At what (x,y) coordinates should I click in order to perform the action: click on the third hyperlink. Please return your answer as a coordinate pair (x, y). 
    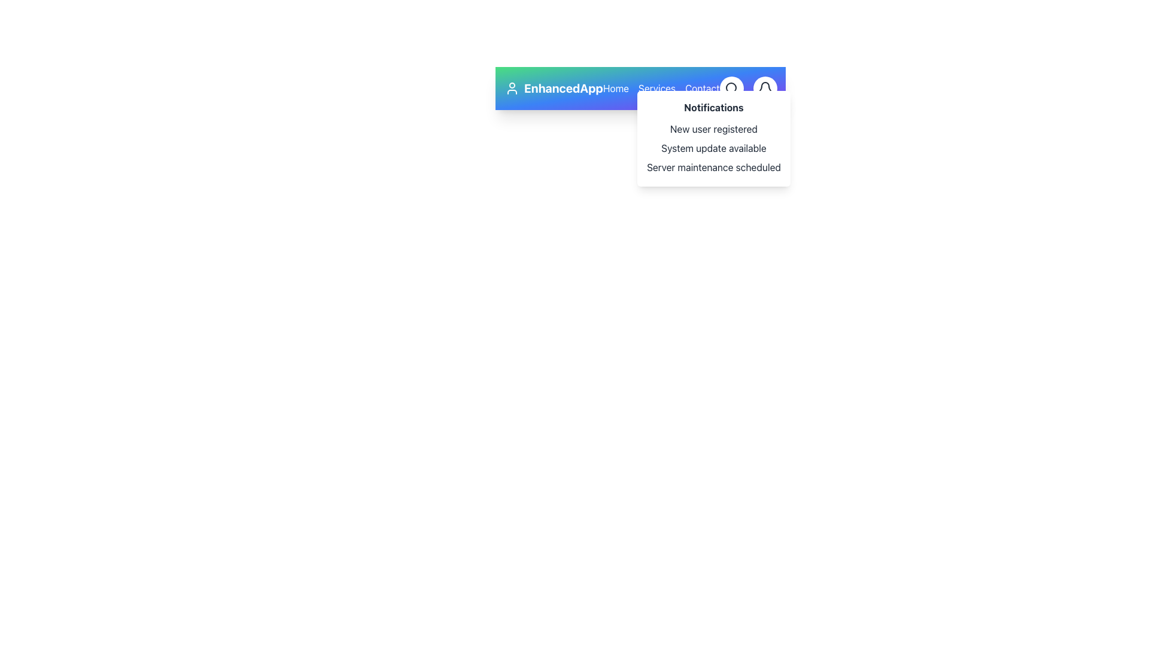
    Looking at the image, I should click on (702, 87).